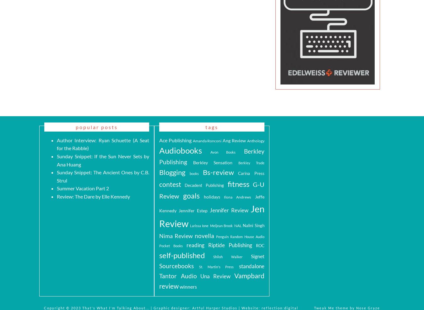 Image resolution: width=424 pixels, height=310 pixels. What do you see at coordinates (218, 172) in the screenshot?
I see `'Bs-review'` at bounding box center [218, 172].